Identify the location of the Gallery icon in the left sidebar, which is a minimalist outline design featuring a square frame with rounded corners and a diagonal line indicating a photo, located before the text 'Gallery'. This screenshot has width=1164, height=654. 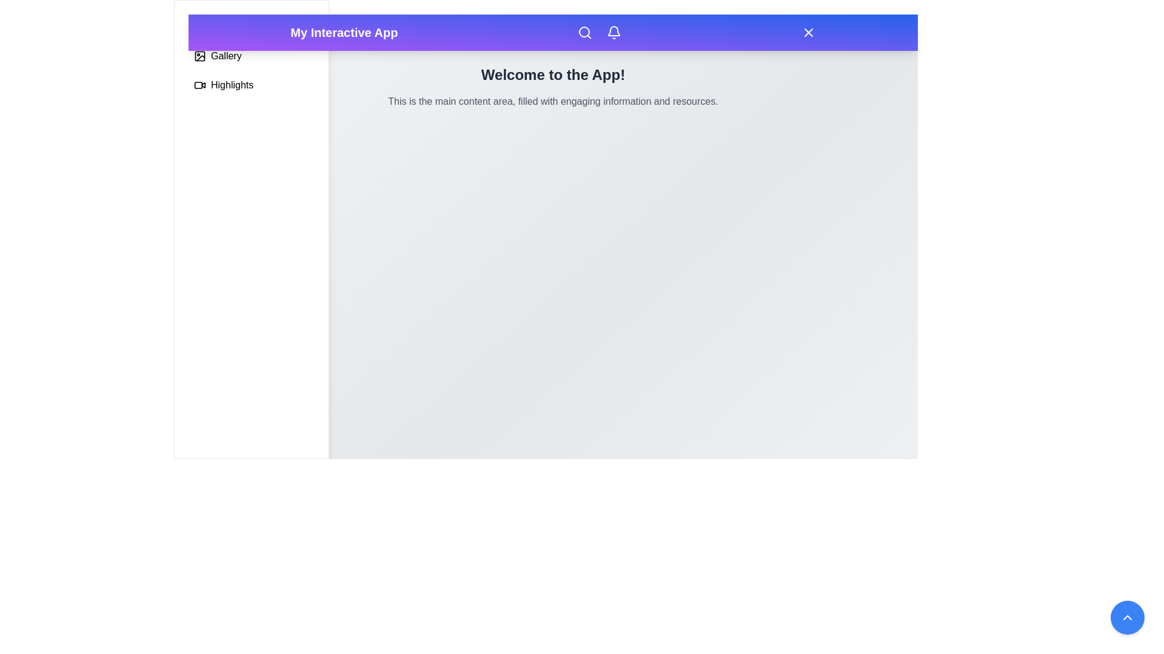
(200, 56).